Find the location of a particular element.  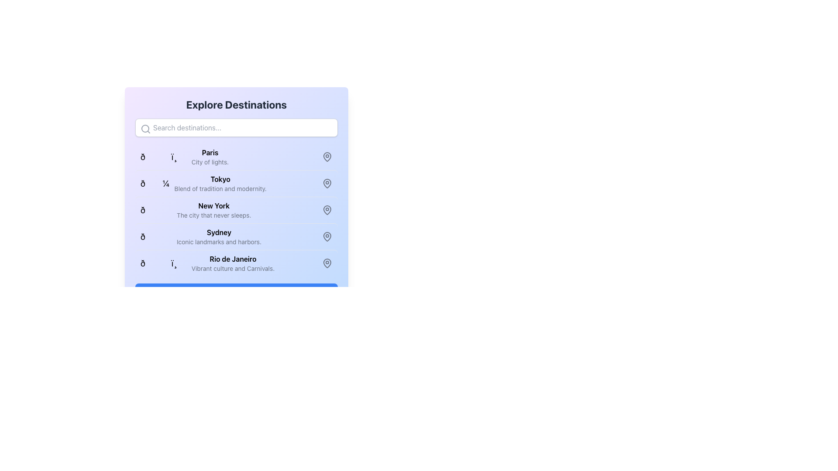

the large, bold header text reading 'Explore Destinations' at the top of the card-like interface is located at coordinates (237, 104).